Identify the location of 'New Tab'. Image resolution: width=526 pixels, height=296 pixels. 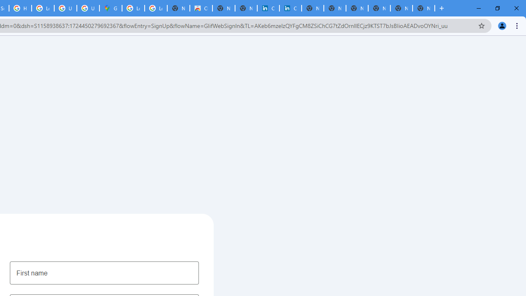
(424, 8).